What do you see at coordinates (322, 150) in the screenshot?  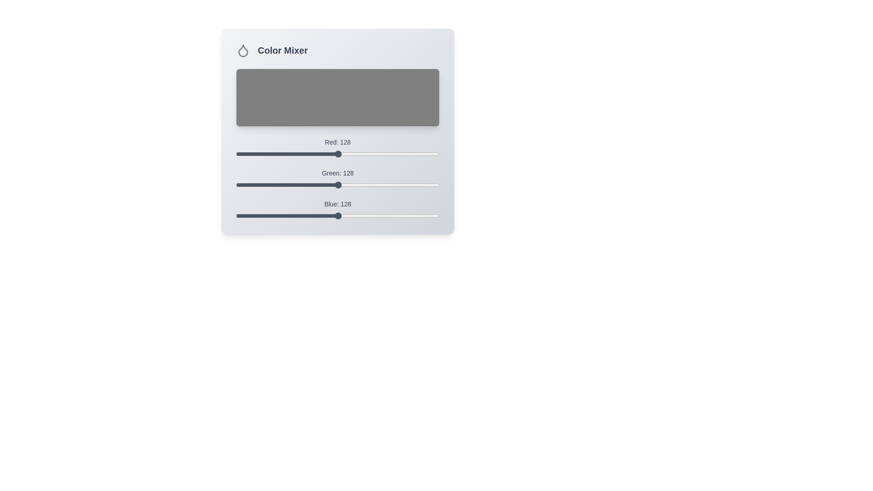 I see `the 0 slider to 108` at bounding box center [322, 150].